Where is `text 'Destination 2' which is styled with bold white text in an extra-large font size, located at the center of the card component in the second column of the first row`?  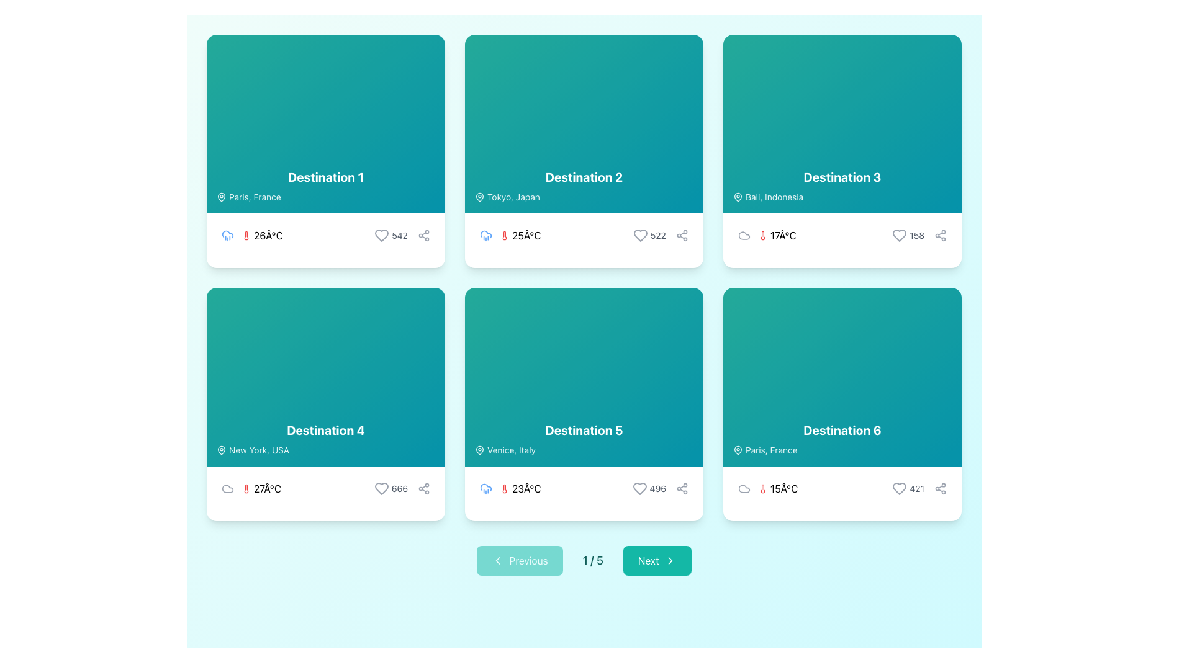 text 'Destination 2' which is styled with bold white text in an extra-large font size, located at the center of the card component in the second column of the first row is located at coordinates (583, 177).